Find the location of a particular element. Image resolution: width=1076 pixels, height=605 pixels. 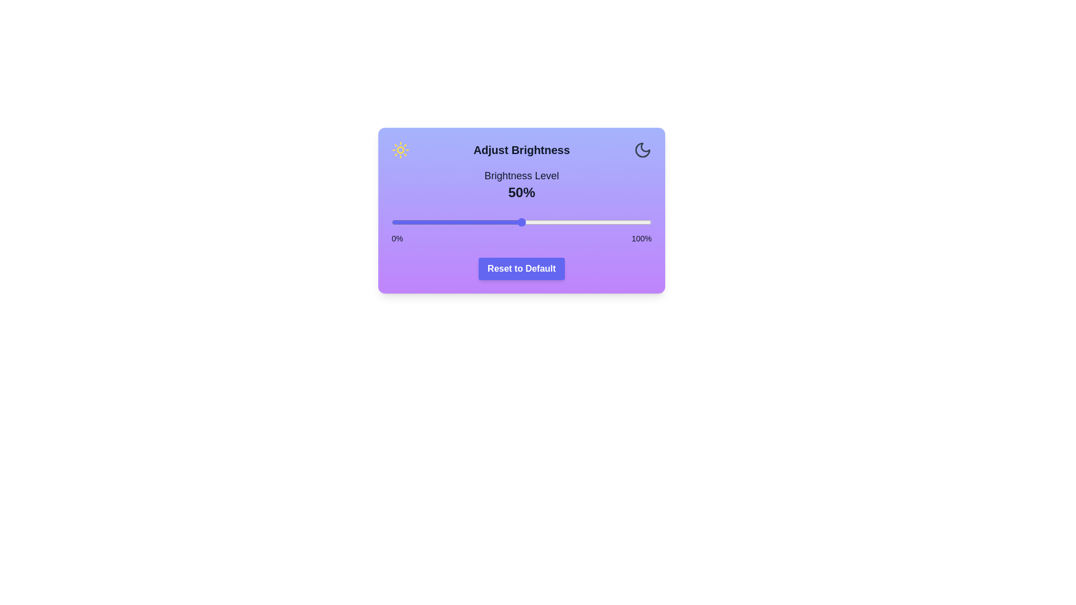

the brightness to 89% by moving the slider is located at coordinates (622, 222).